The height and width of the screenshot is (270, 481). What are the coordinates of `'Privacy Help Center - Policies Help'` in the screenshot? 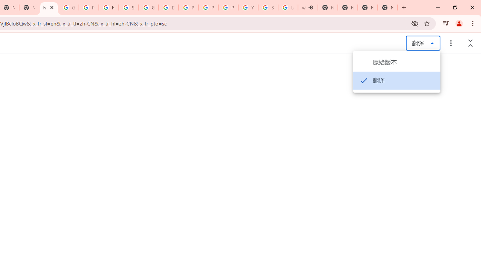 It's located at (208, 7).